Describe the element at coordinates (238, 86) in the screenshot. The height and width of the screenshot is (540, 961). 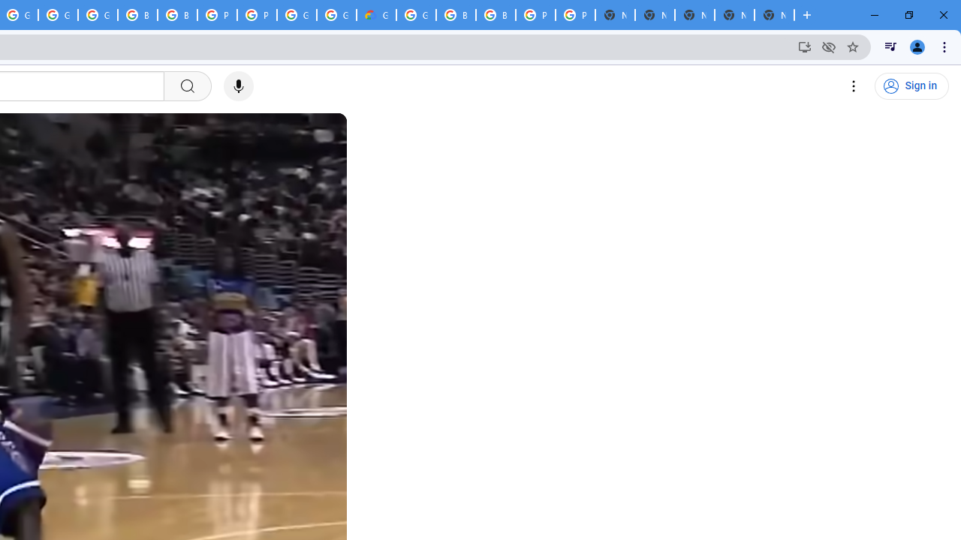
I see `'Search with your voice'` at that location.